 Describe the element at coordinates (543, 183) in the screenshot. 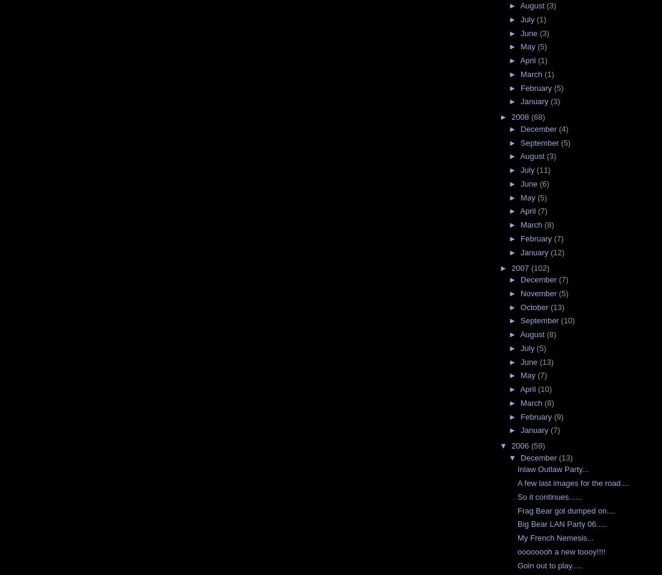

I see `'(6)'` at that location.